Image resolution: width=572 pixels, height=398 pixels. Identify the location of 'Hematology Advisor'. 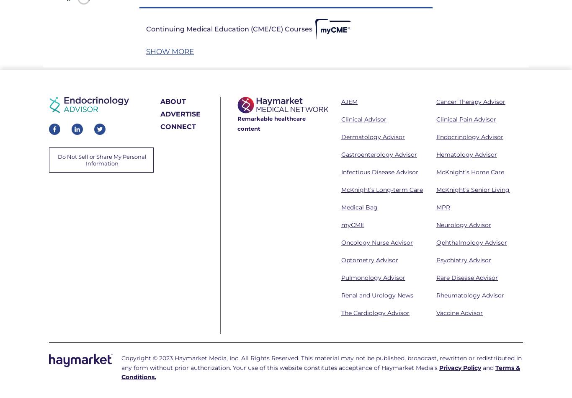
(466, 154).